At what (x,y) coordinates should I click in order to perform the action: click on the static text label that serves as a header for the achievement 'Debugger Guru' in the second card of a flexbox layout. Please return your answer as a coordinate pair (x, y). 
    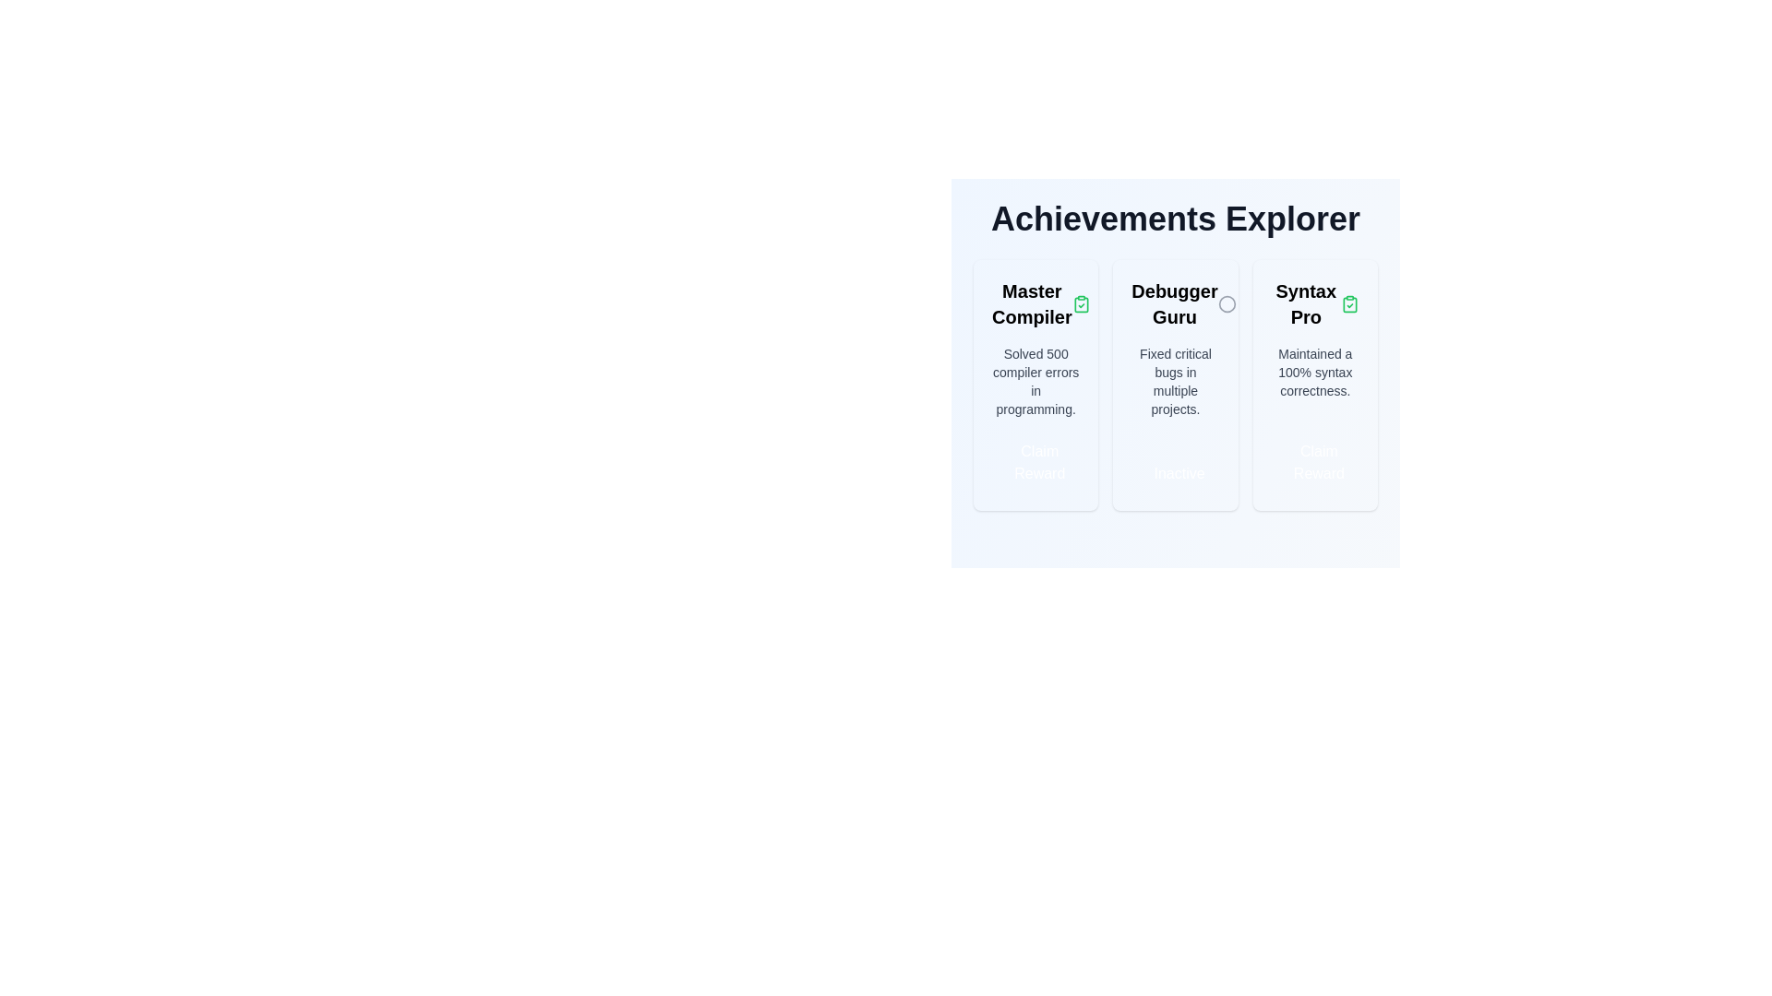
    Looking at the image, I should click on (1173, 303).